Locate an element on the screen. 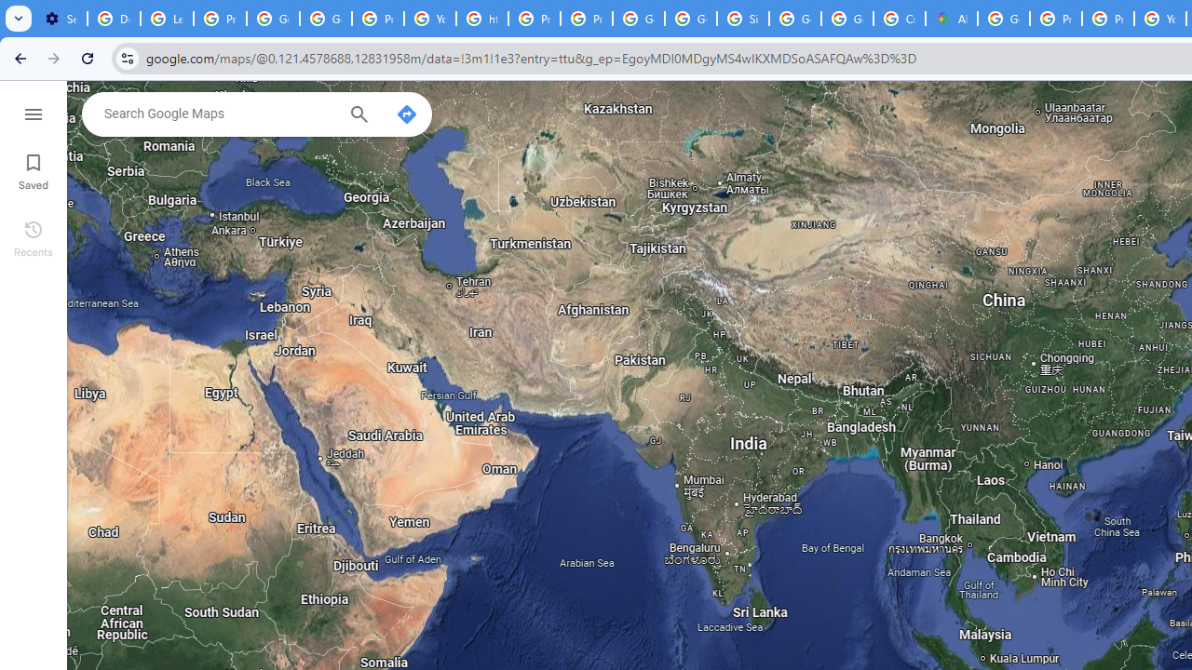 The image size is (1192, 670). 'Menu' is located at coordinates (33, 112).